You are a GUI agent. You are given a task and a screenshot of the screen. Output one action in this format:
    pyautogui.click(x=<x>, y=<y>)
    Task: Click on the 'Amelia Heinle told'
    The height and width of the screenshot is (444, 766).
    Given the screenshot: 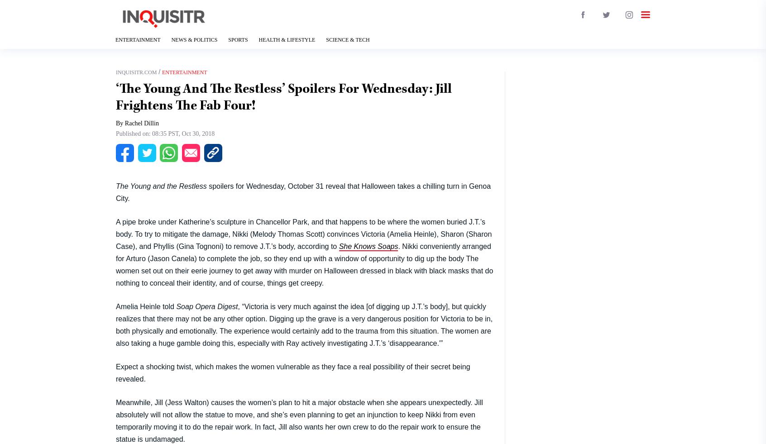 What is the action you would take?
    pyautogui.click(x=145, y=306)
    